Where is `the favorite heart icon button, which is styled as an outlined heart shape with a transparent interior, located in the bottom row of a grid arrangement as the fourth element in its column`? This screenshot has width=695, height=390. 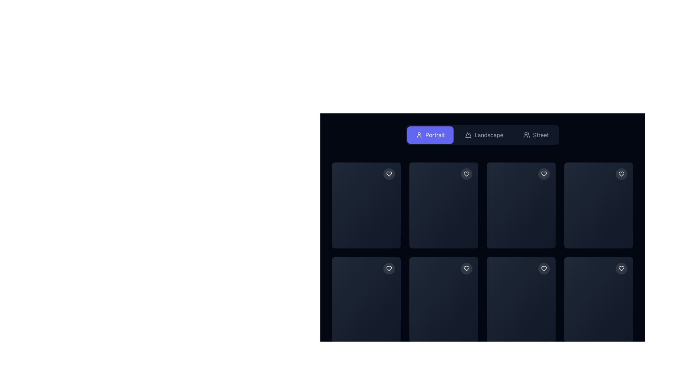
the favorite heart icon button, which is styled as an outlined heart shape with a transparent interior, located in the bottom row of a grid arrangement as the fourth element in its column is located at coordinates (544, 268).